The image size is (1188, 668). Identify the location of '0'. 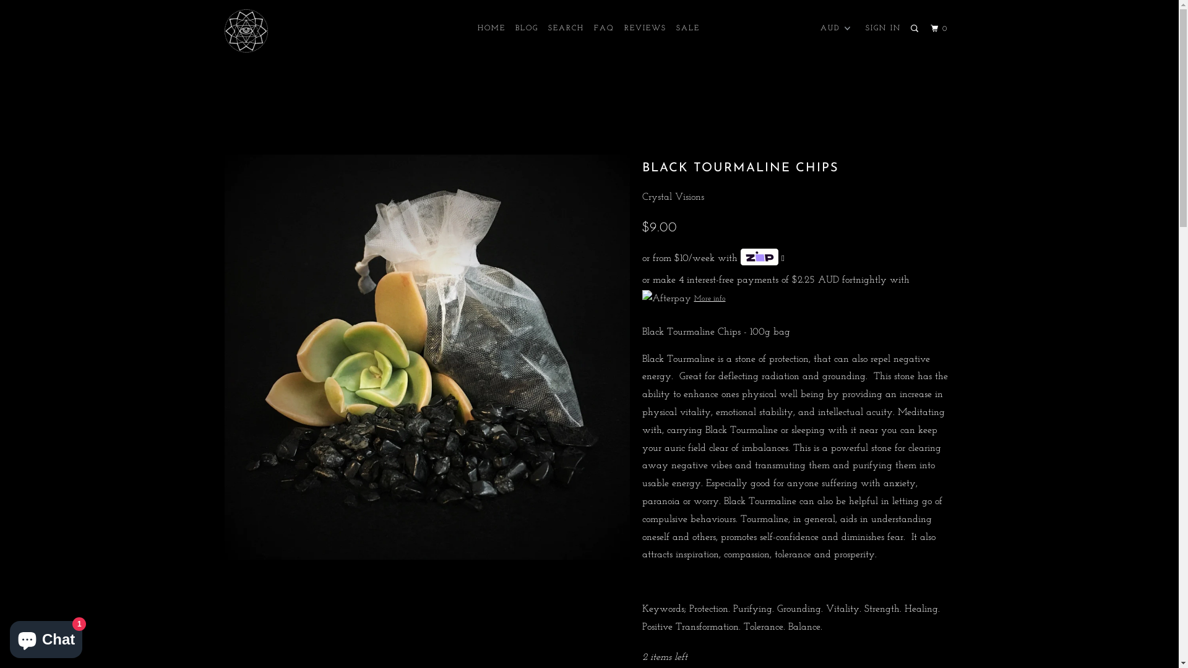
(940, 28).